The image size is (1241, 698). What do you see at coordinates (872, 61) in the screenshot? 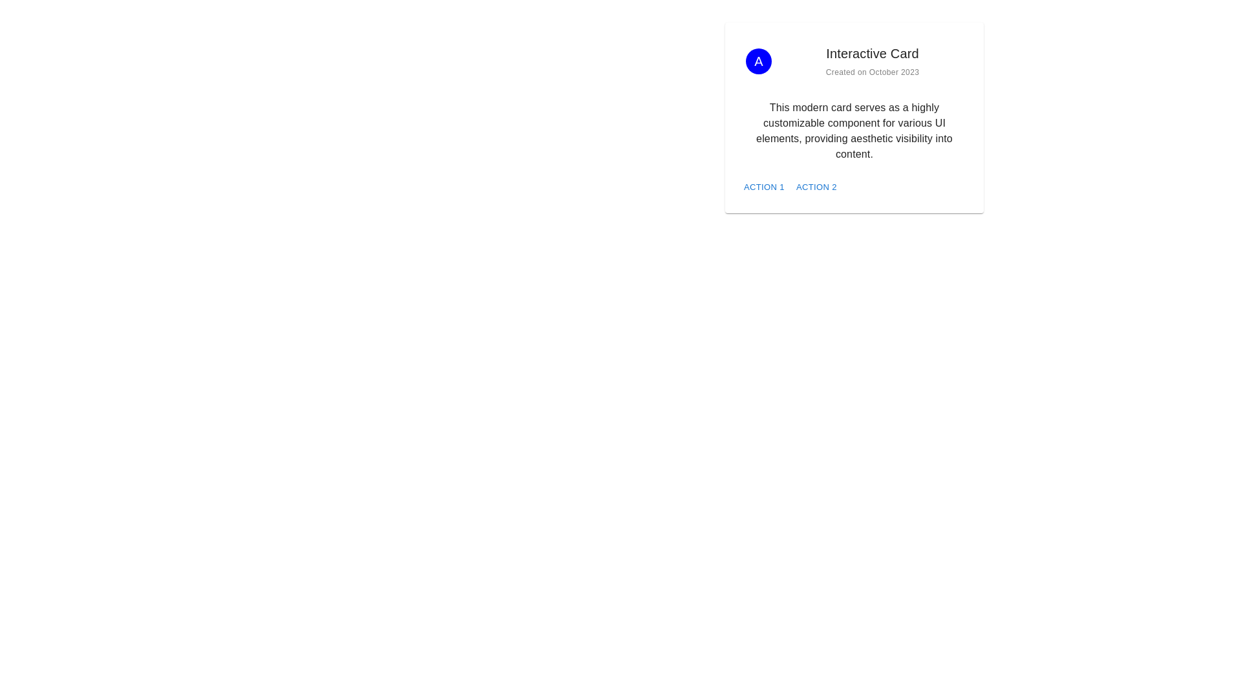
I see `the text block displaying 'Interactive Card' and 'Created on October 2023' located at the top-right of the card layout` at bounding box center [872, 61].